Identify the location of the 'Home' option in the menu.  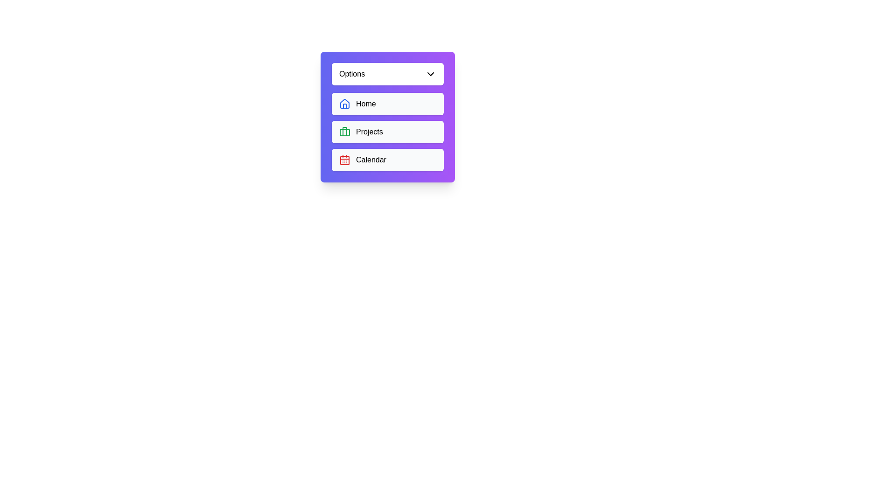
(387, 104).